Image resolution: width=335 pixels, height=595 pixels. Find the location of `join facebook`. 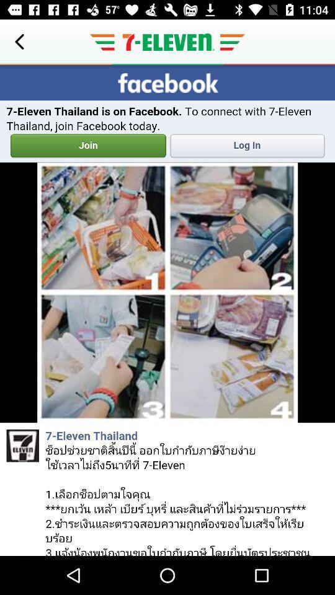

join facebook is located at coordinates (167, 310).